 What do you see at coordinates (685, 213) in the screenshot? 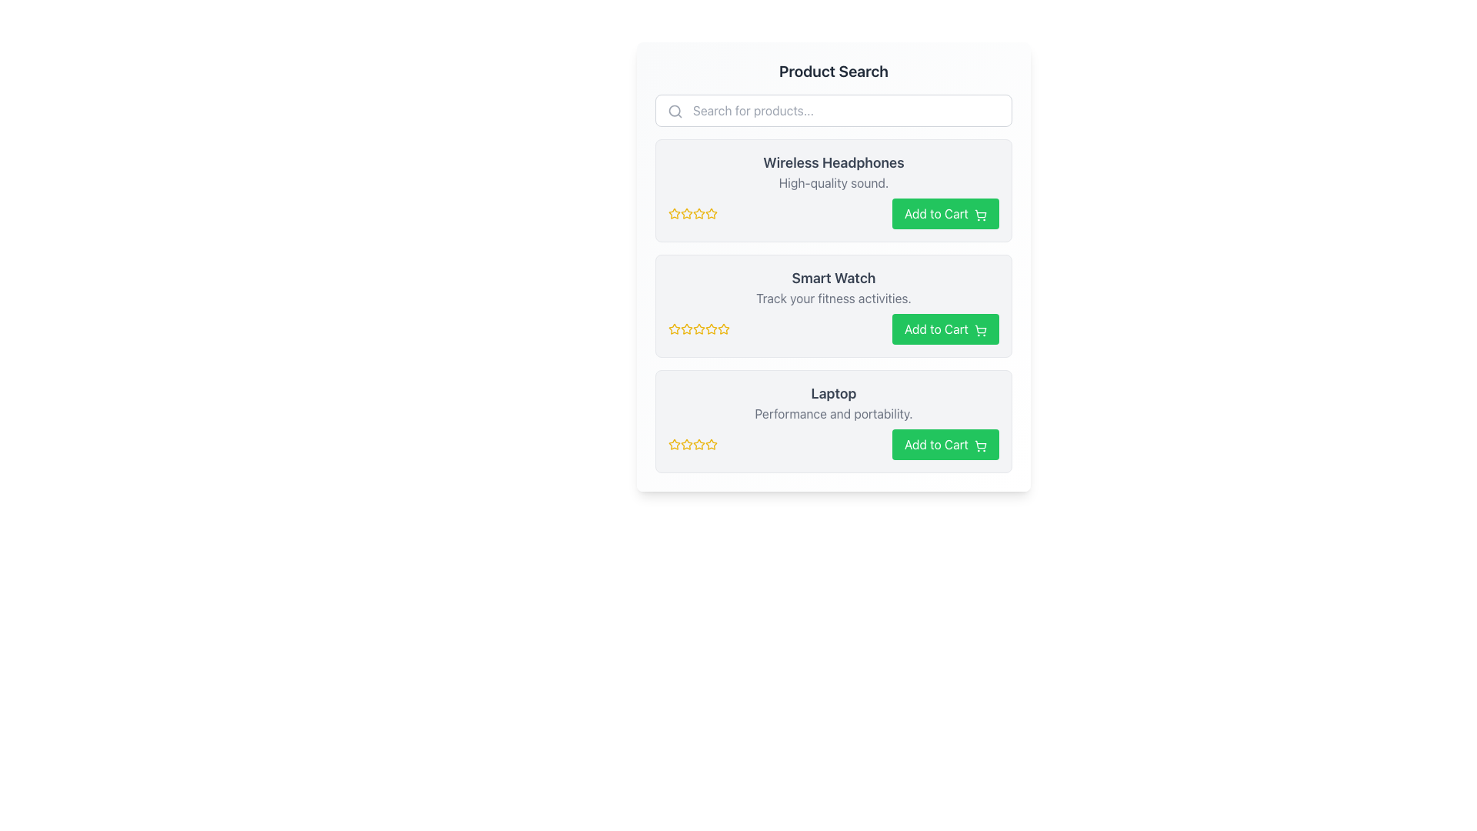
I see `the second star in the star rating icon sequence to rate the item` at bounding box center [685, 213].